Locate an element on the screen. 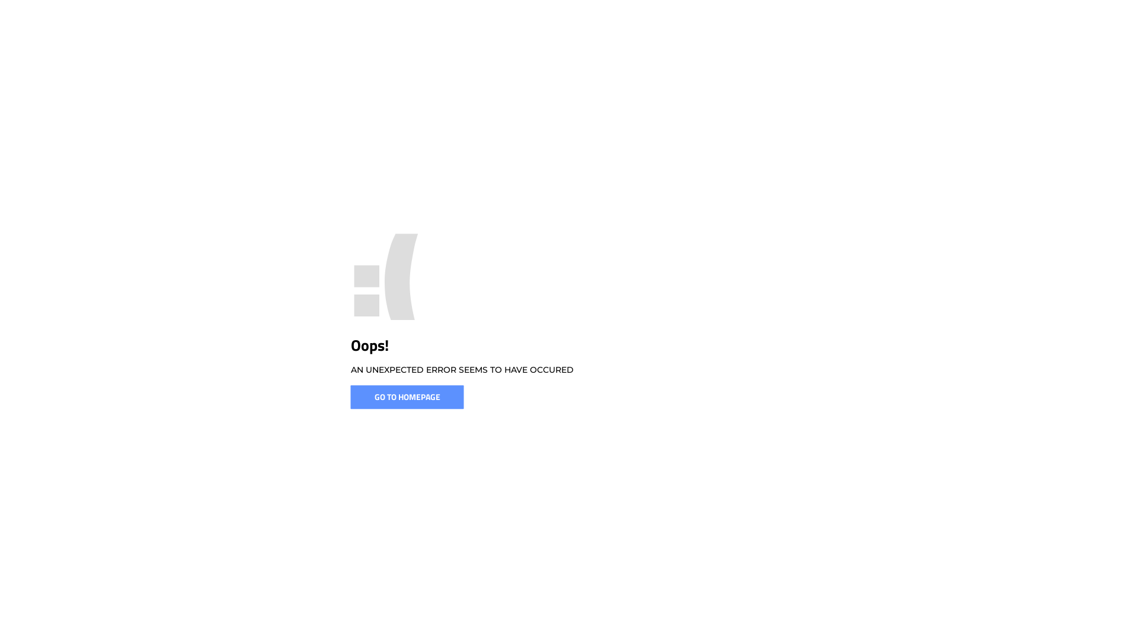 This screenshot has height=640, width=1138. 'GO TO HOMEPAGE' is located at coordinates (407, 397).